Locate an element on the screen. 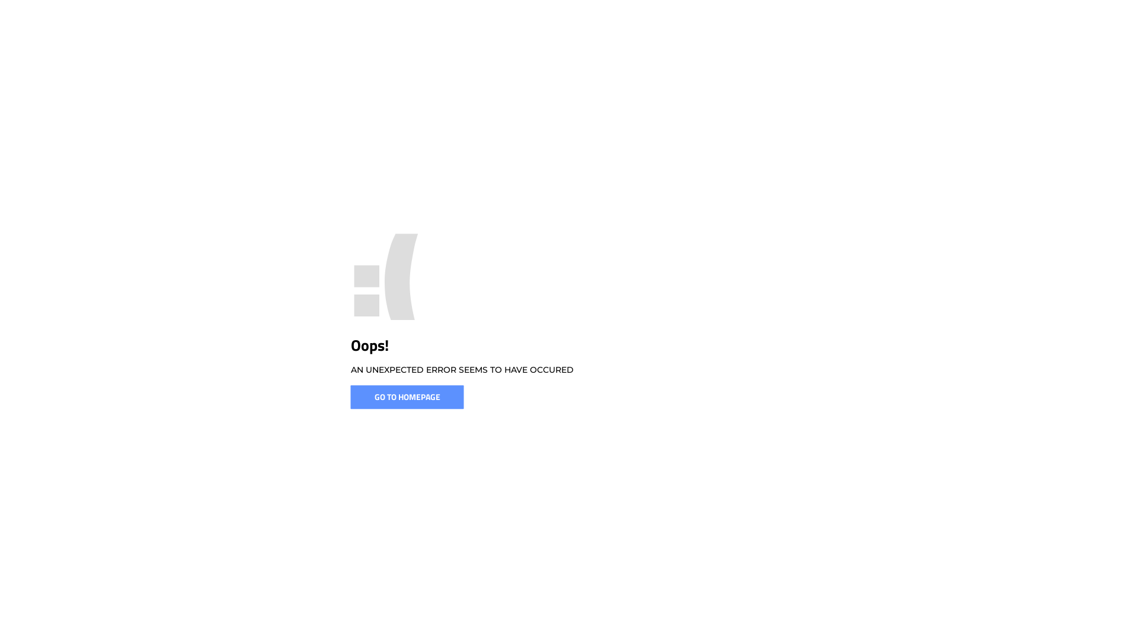 This screenshot has height=640, width=1138. 'GO TO HOMEPAGE' is located at coordinates (407, 397).